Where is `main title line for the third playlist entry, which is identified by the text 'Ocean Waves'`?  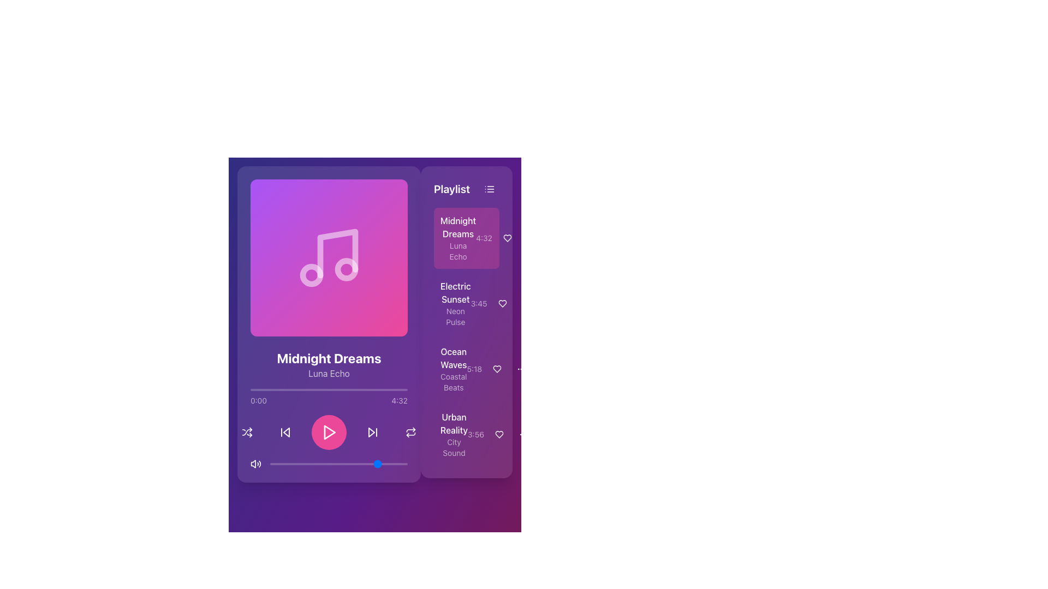
main title line for the third playlist entry, which is identified by the text 'Ocean Waves' is located at coordinates (454, 358).